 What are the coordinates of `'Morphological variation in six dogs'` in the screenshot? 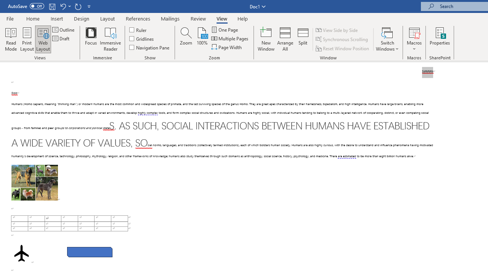 It's located at (34, 182).